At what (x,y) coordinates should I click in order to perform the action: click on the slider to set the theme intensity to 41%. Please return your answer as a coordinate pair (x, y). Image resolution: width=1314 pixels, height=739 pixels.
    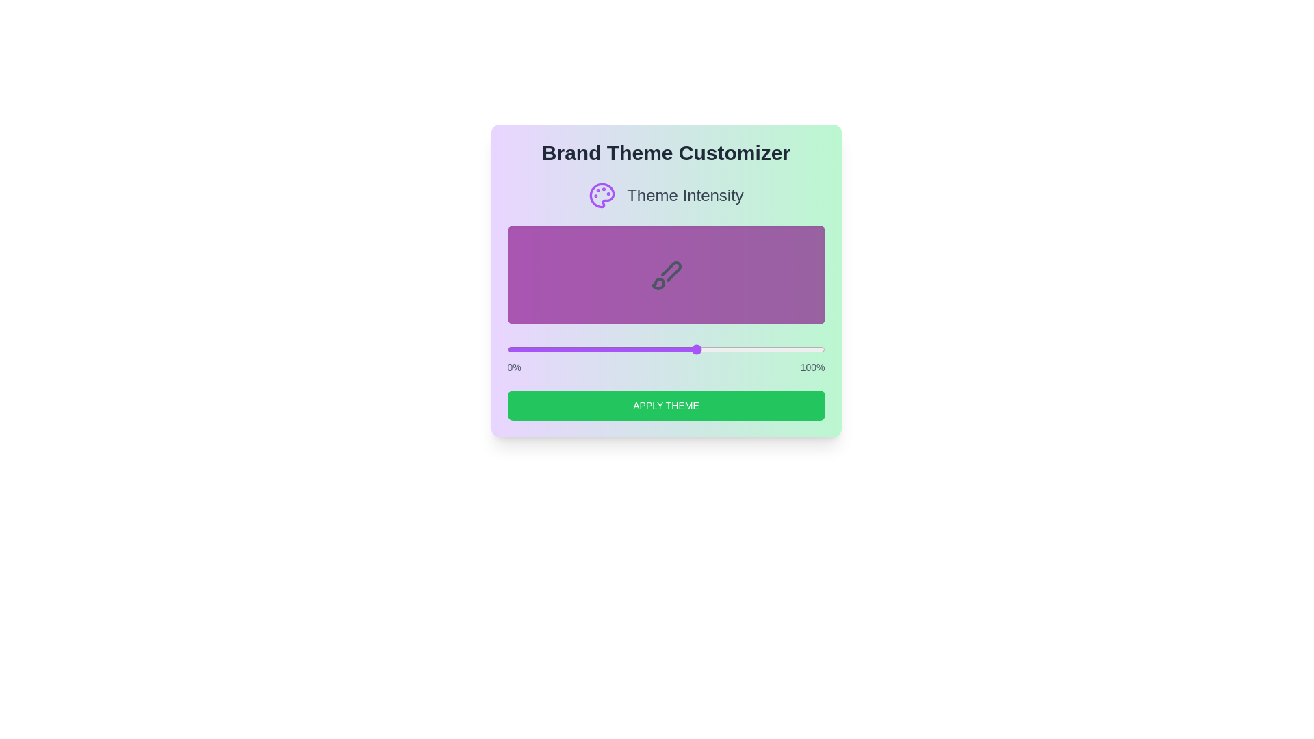
    Looking at the image, I should click on (636, 348).